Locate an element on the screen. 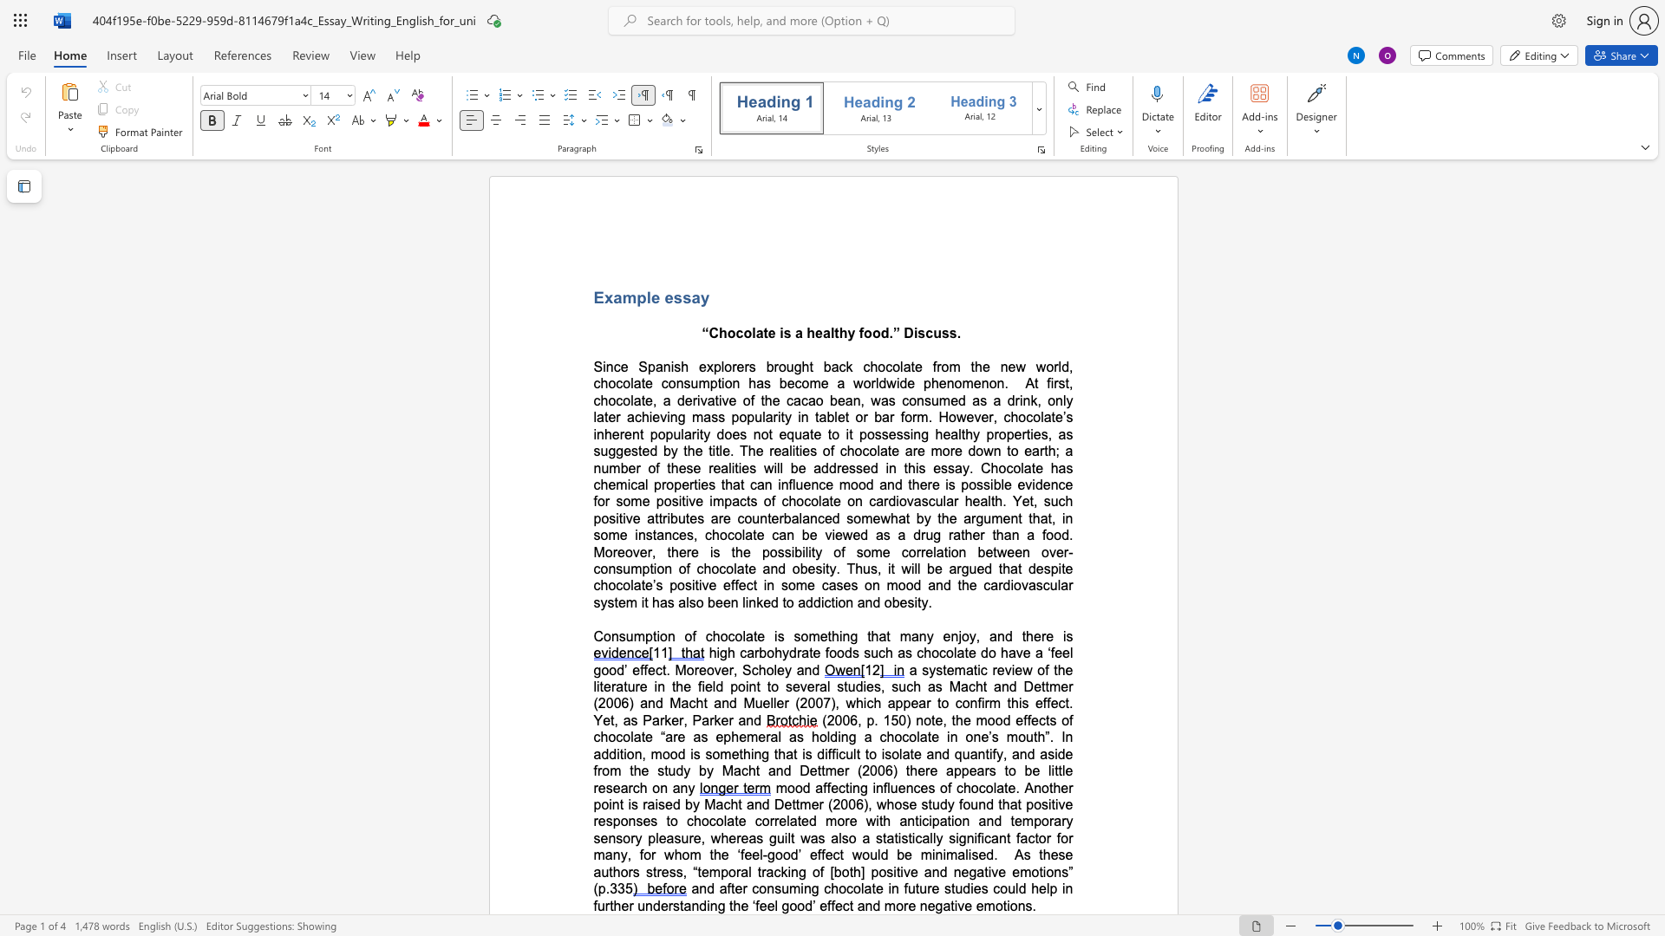  the subset text "ct would be mi" within the text "guilt was also a statistically significant factor for many, for whom the ‘feel-good’ effect would be min" is located at coordinates (832, 854).